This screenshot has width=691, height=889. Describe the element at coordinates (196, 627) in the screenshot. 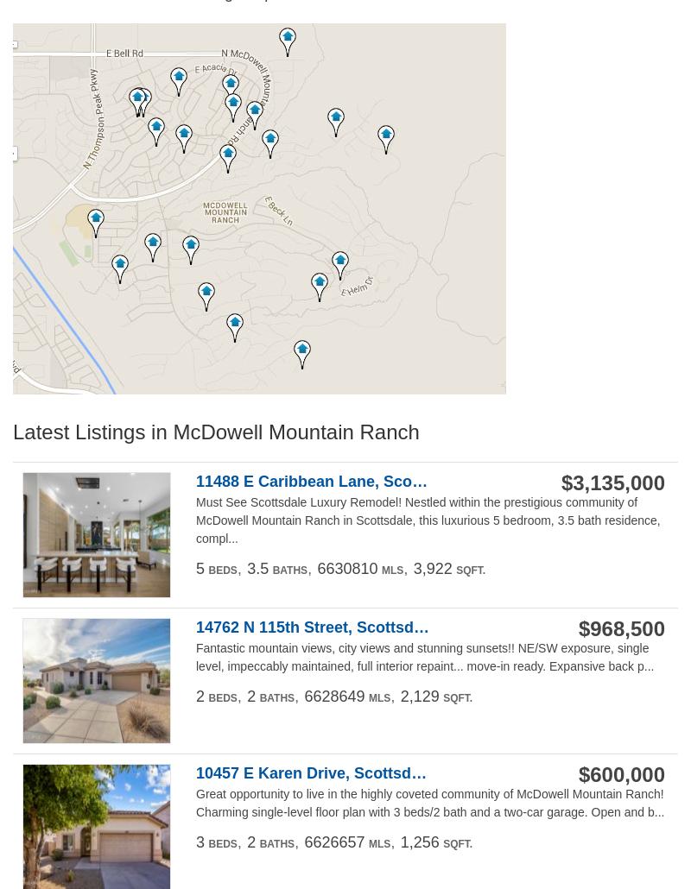

I see `'14762 N 115th Street, Scottsdale'` at that location.